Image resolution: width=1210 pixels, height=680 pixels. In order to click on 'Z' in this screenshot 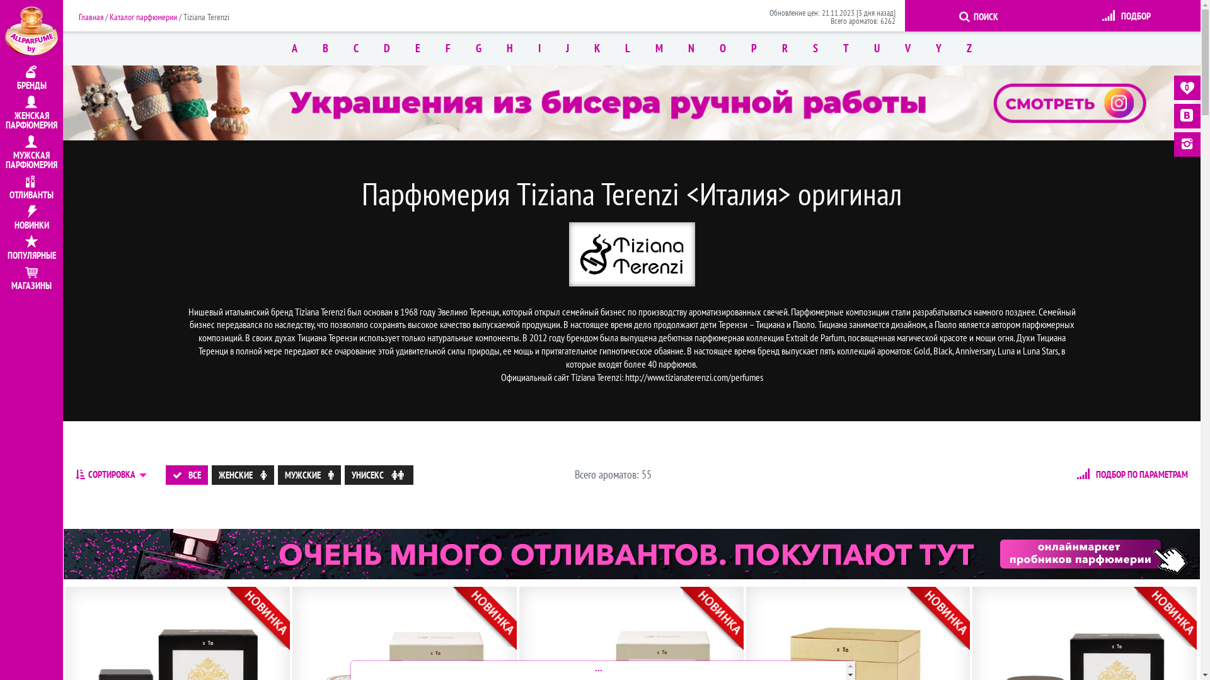, I will do `click(968, 48)`.